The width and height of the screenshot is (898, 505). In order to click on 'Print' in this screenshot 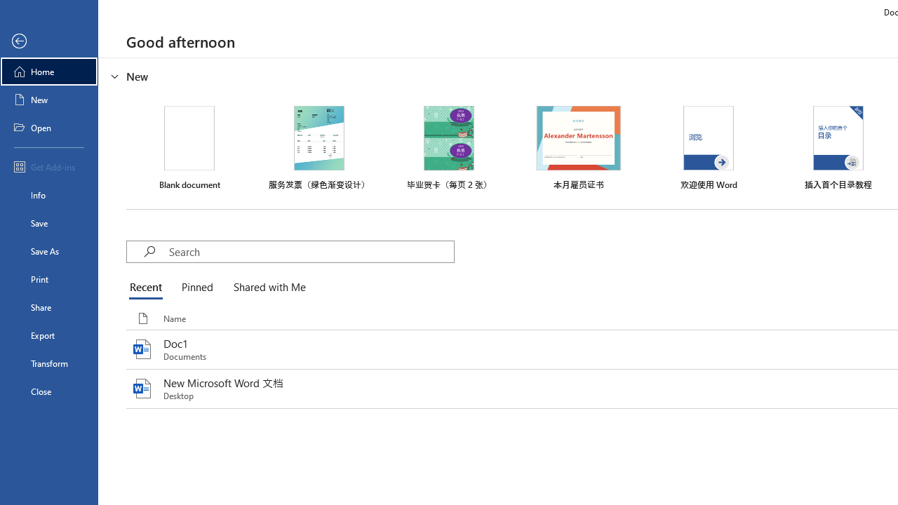, I will do `click(48, 279)`.